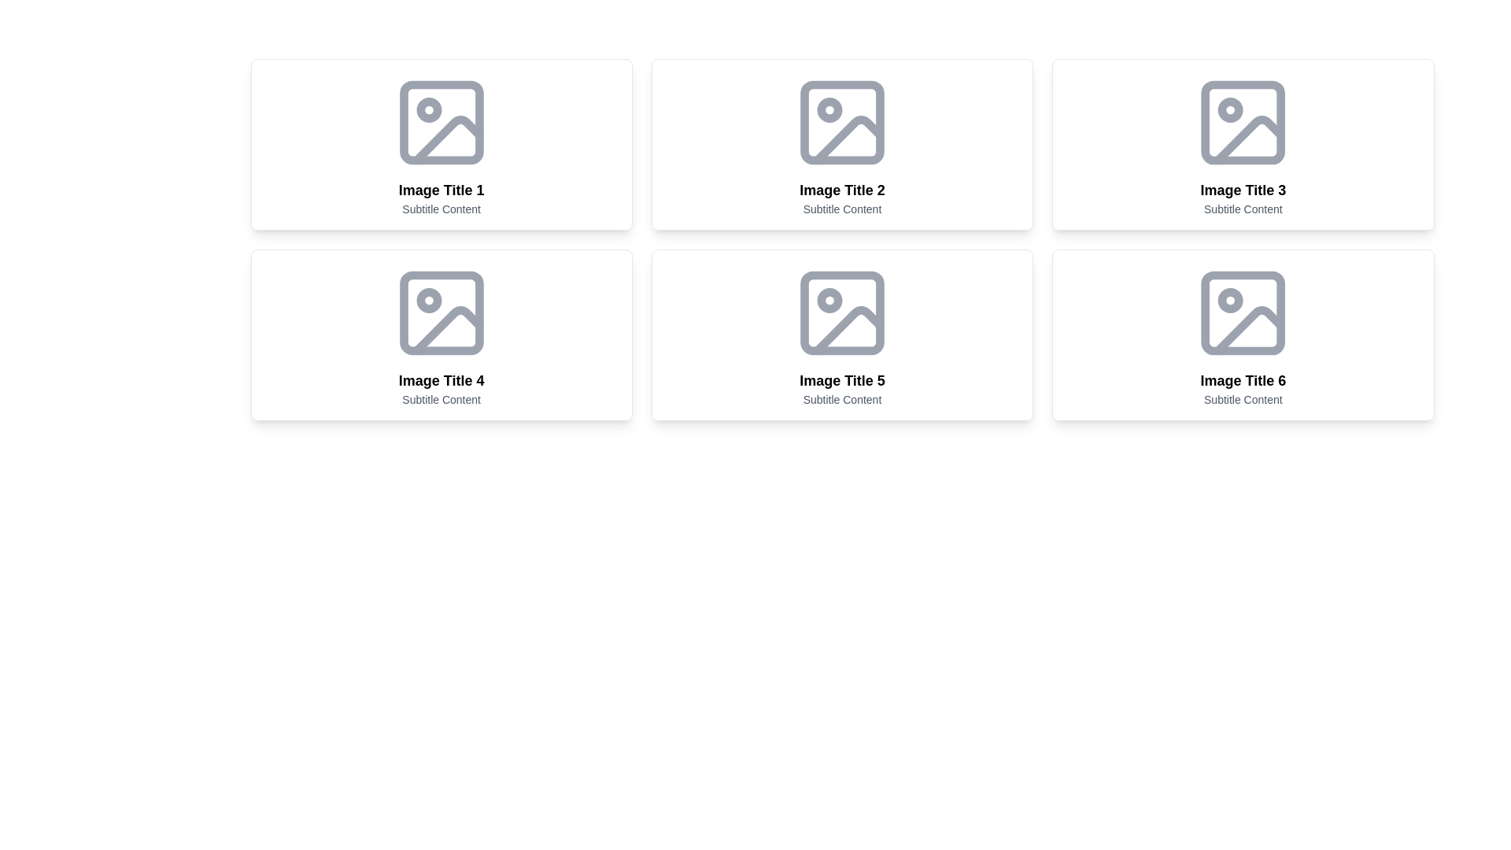 This screenshot has height=850, width=1511. I want to click on the small rounded rectangle within the SVG icon located in the fifth card of the grid layout, which is above the title 'Image Title 5.', so click(841, 312).